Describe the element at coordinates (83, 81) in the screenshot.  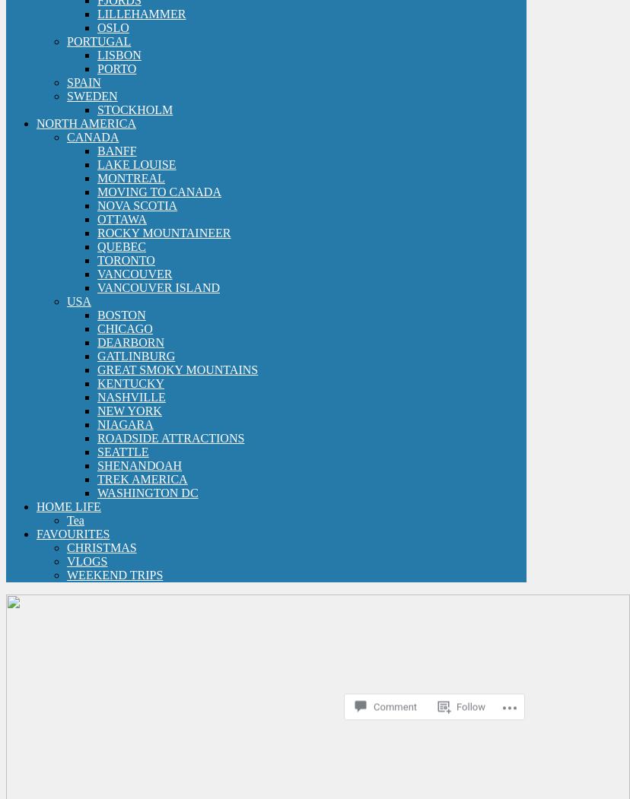
I see `'SPAIN'` at that location.